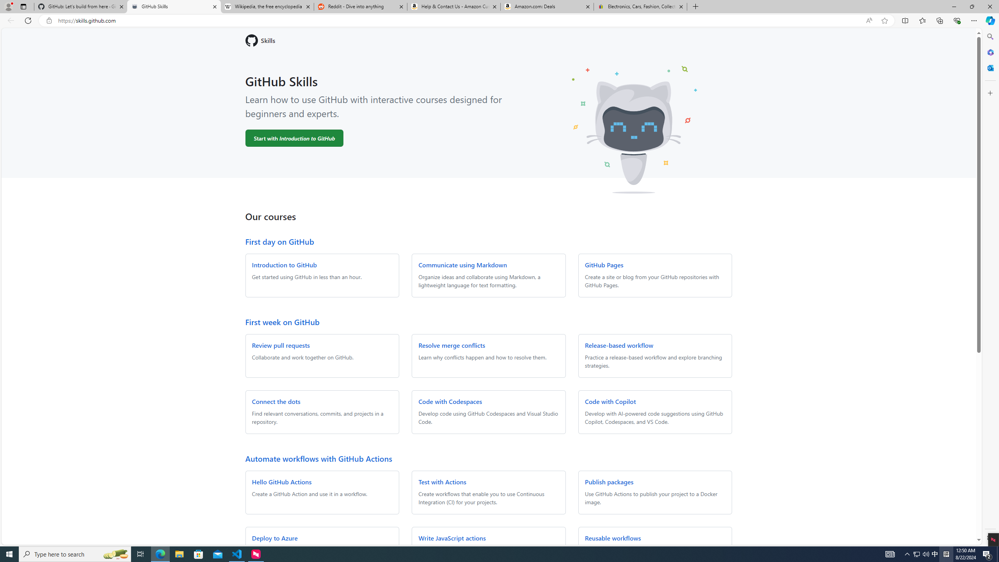 The image size is (999, 562). I want to click on 'GitHub Skills', so click(173, 6).